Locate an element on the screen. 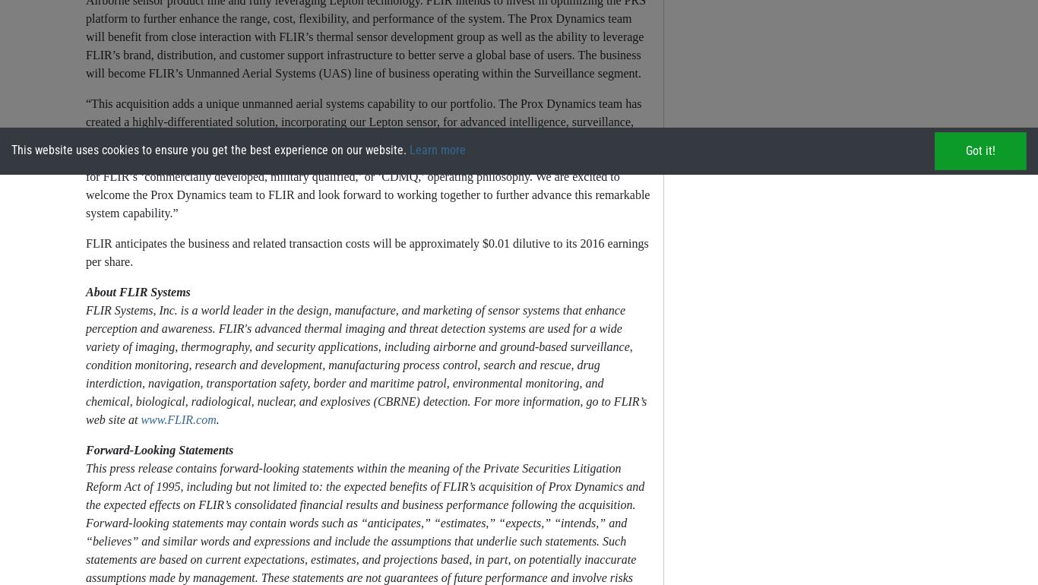 This screenshot has width=1038, height=585. 'About FLIR Systems' is located at coordinates (137, 291).